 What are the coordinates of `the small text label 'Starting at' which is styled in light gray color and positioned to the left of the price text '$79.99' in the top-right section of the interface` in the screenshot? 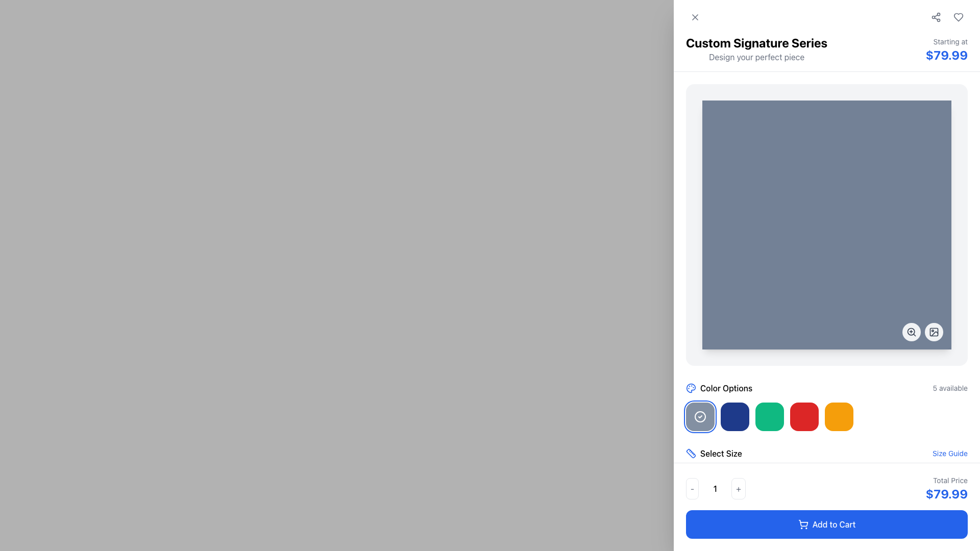 It's located at (946, 41).